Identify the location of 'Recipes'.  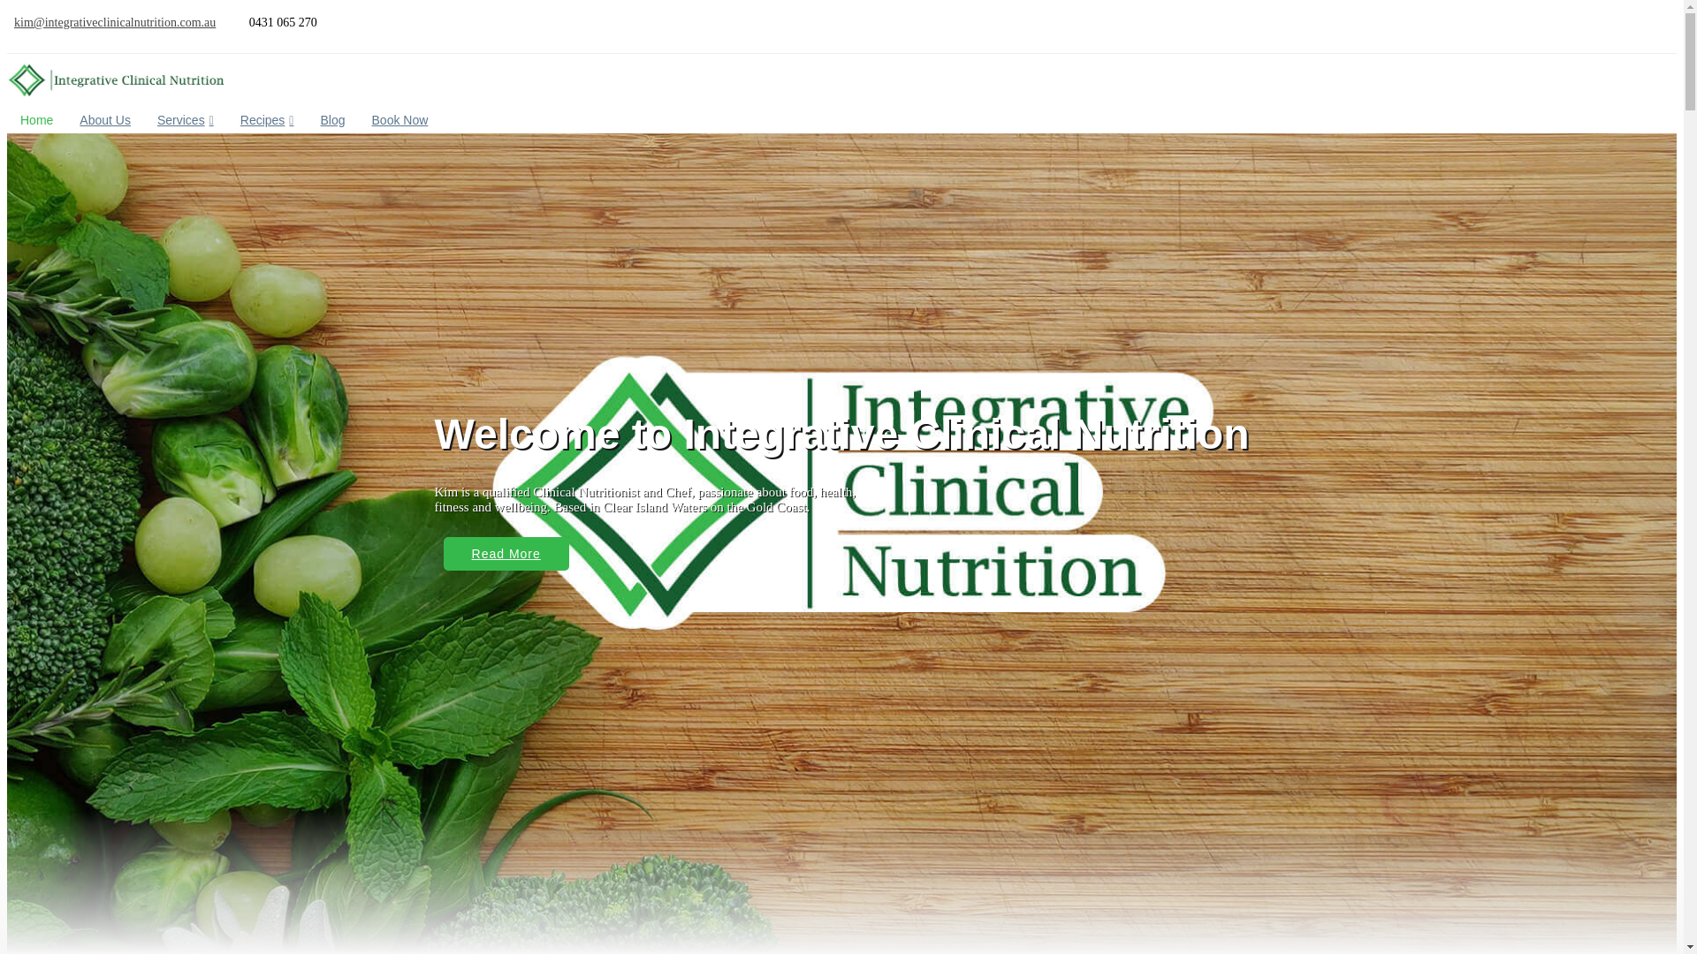
(266, 119).